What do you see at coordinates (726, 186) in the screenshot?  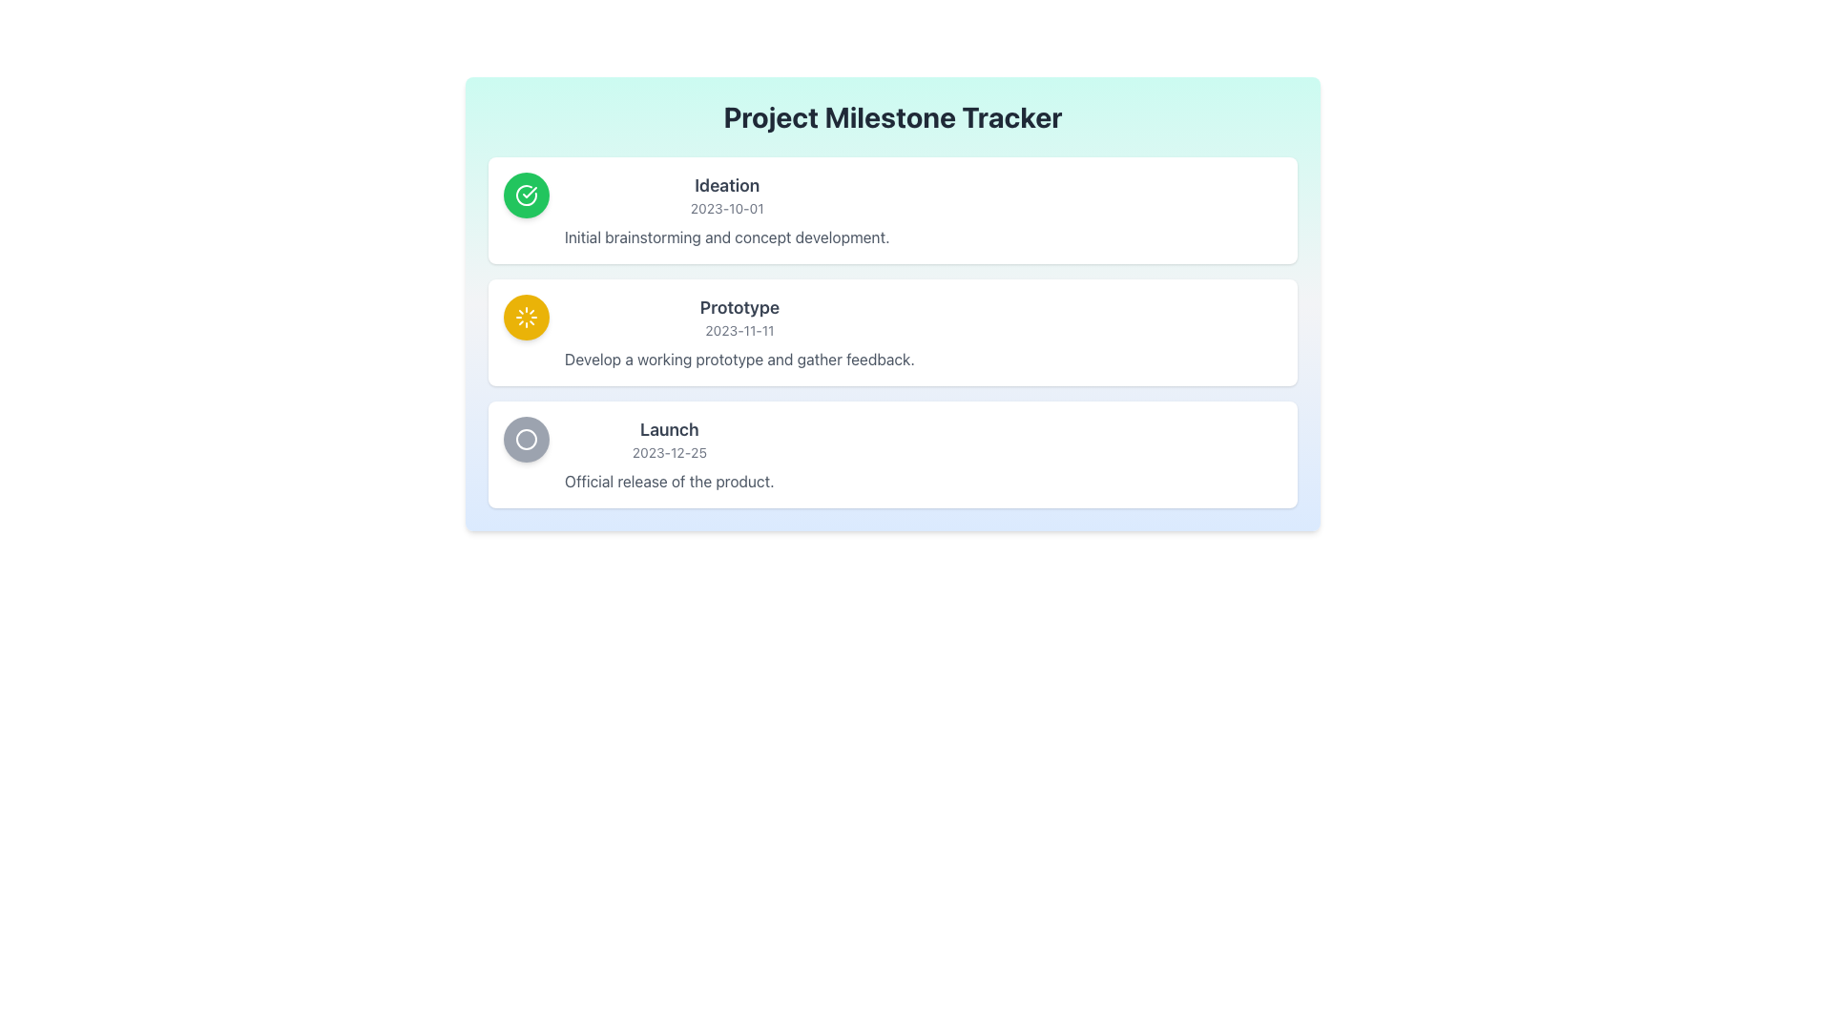 I see `the 'Ideation' milestone card title in the 'Project Milestone Tracker' list, which is positioned above the dates and descriptions of the project` at bounding box center [726, 186].